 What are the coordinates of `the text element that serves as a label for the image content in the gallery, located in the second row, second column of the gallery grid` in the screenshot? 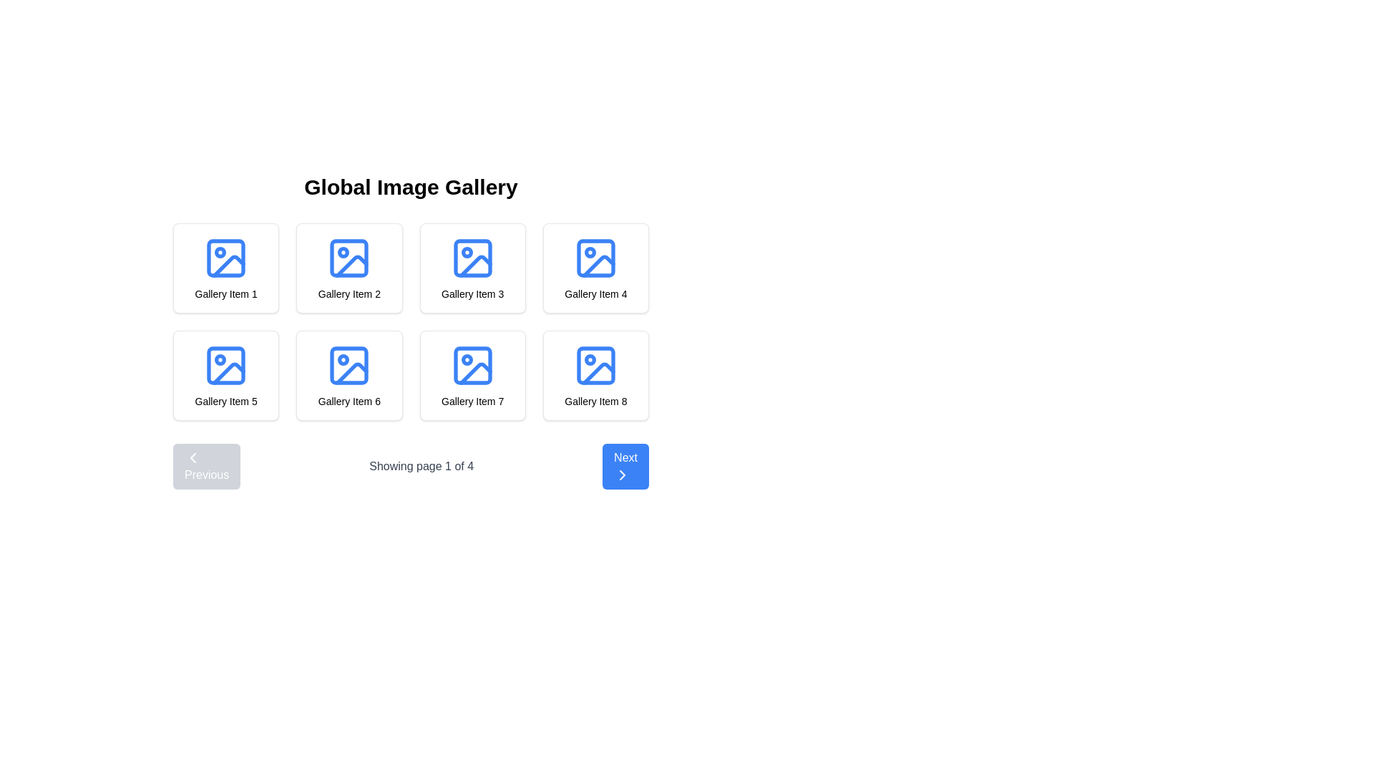 It's located at (349, 401).